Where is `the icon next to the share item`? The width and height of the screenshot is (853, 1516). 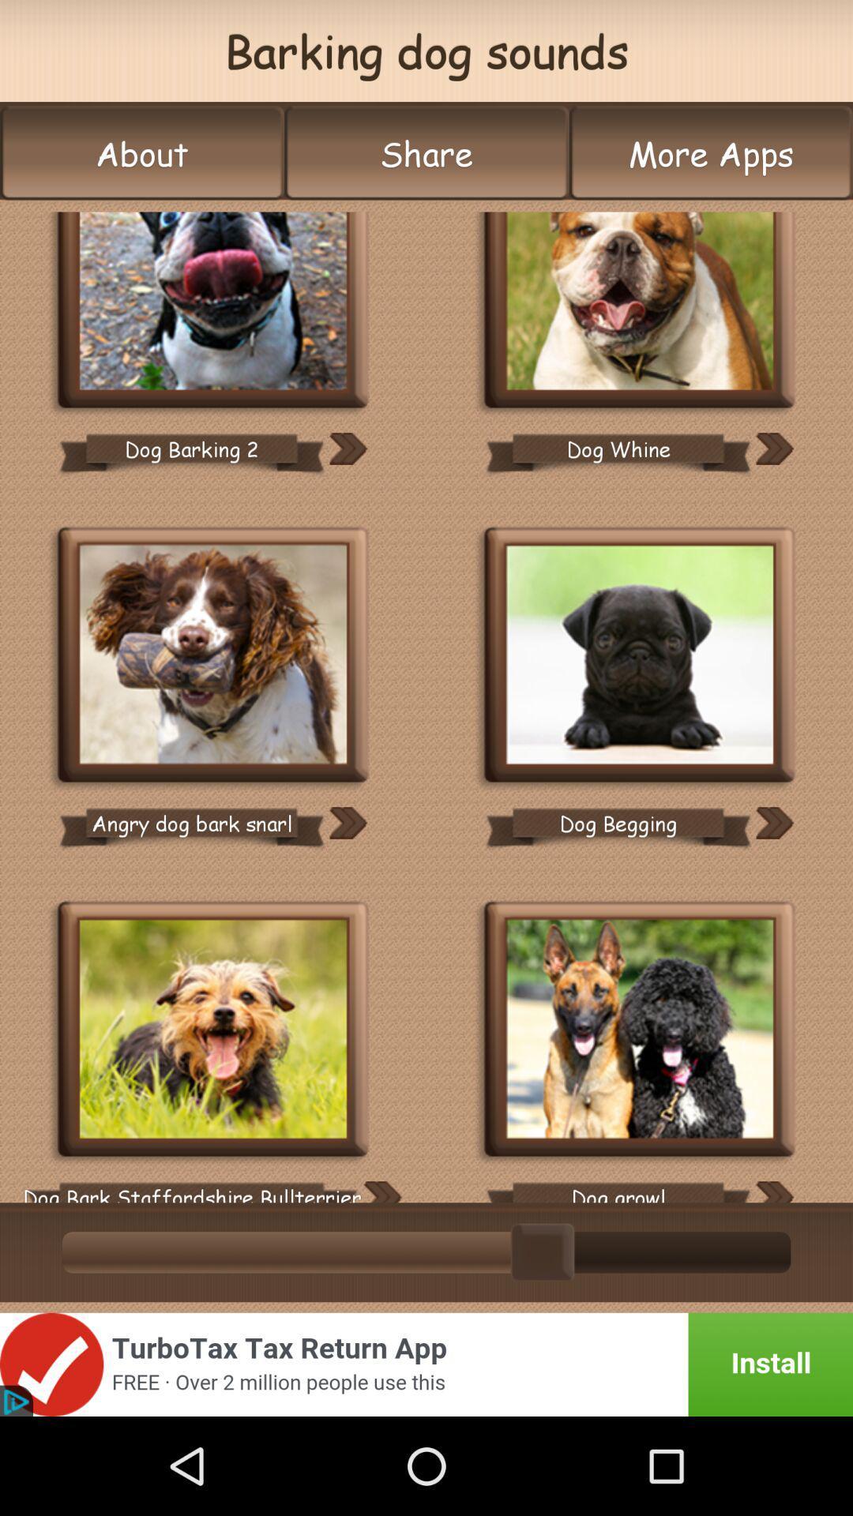
the icon next to the share item is located at coordinates (711, 153).